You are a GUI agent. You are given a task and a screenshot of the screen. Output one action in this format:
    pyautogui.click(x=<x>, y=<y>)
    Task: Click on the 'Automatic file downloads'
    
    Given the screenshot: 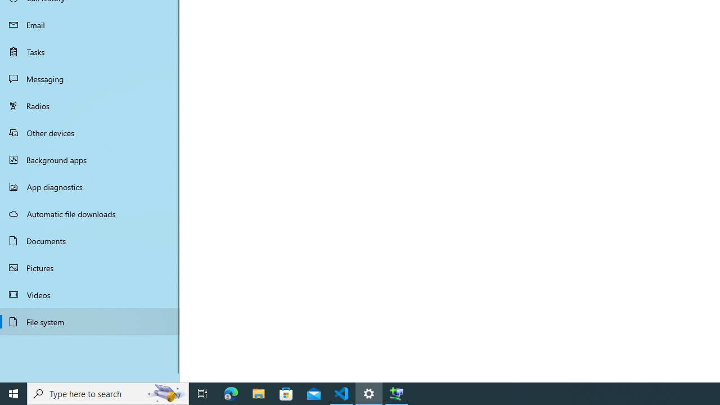 What is the action you would take?
    pyautogui.click(x=90, y=213)
    